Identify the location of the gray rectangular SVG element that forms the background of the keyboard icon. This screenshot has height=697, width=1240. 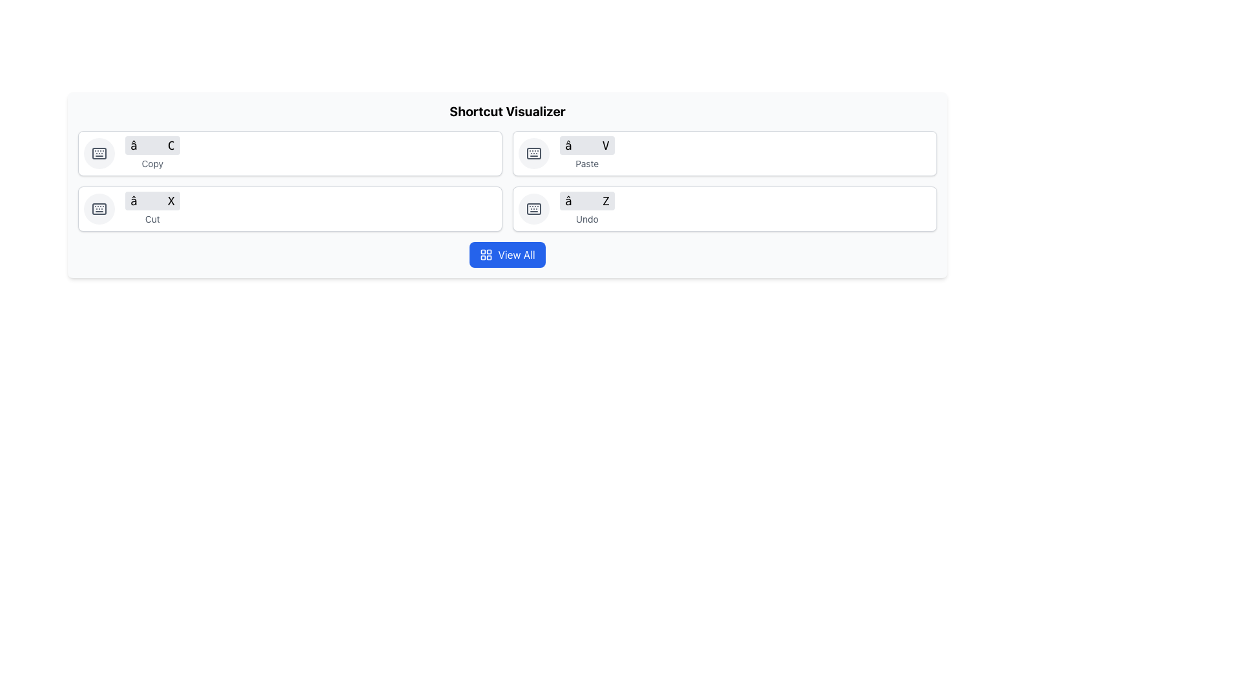
(533, 153).